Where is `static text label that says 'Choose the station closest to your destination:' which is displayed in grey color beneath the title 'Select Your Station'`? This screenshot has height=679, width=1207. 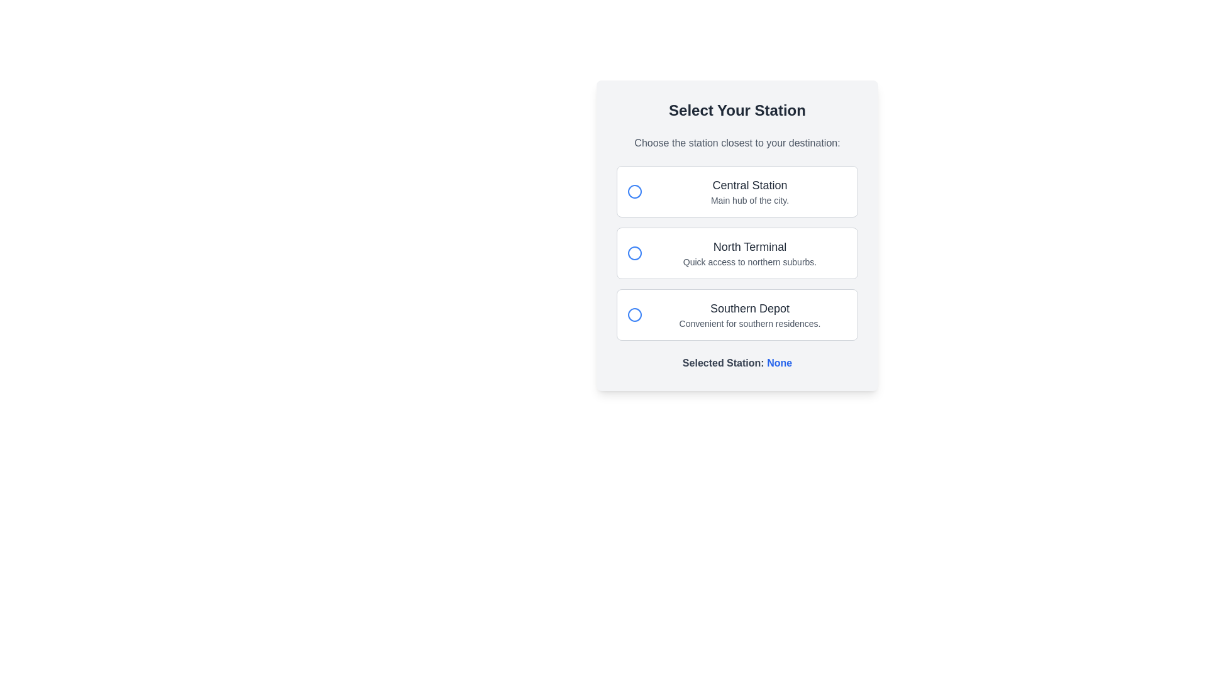
static text label that says 'Choose the station closest to your destination:' which is displayed in grey color beneath the title 'Select Your Station' is located at coordinates (737, 142).